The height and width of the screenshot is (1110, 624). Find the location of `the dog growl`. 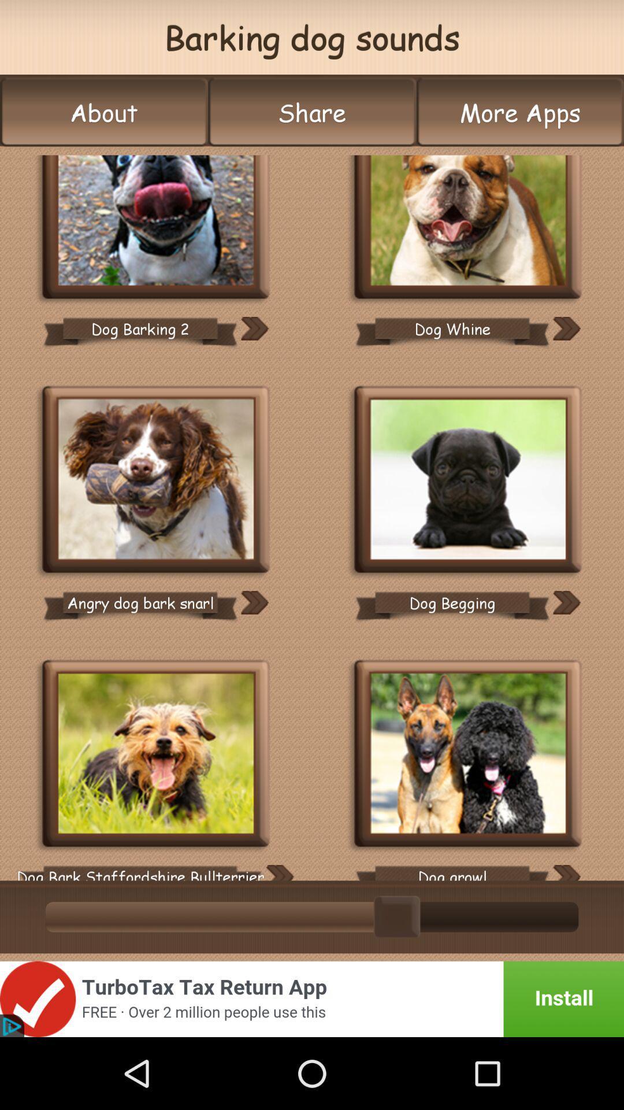

the dog growl is located at coordinates (452, 868).